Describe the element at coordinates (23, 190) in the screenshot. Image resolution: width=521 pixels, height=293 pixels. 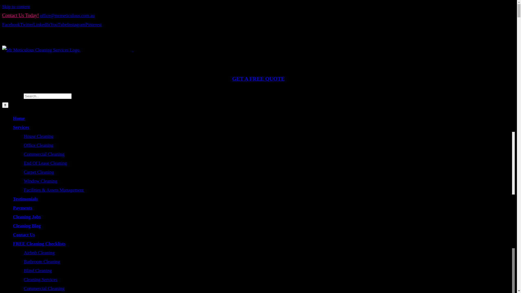
I see `'Facilities & Assets Management'` at that location.